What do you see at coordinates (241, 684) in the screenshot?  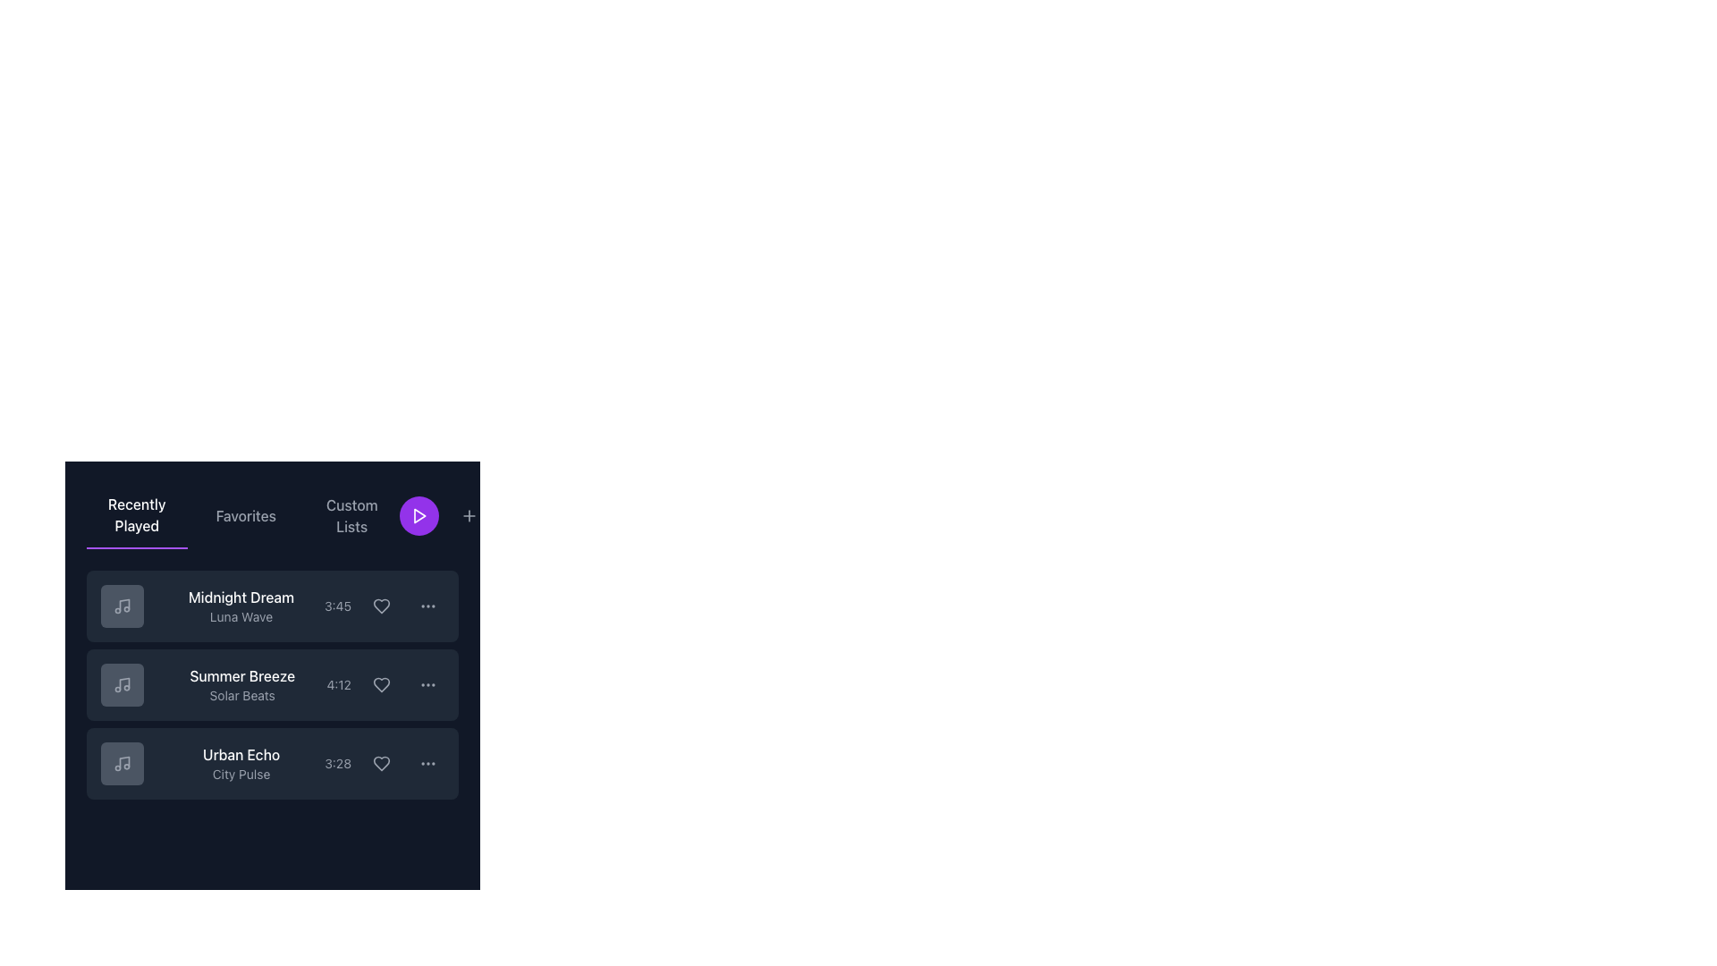 I see `the Text display component displaying 'Summer Breeze' and 'Solar Beats', which is located in the second row of the track list` at bounding box center [241, 684].